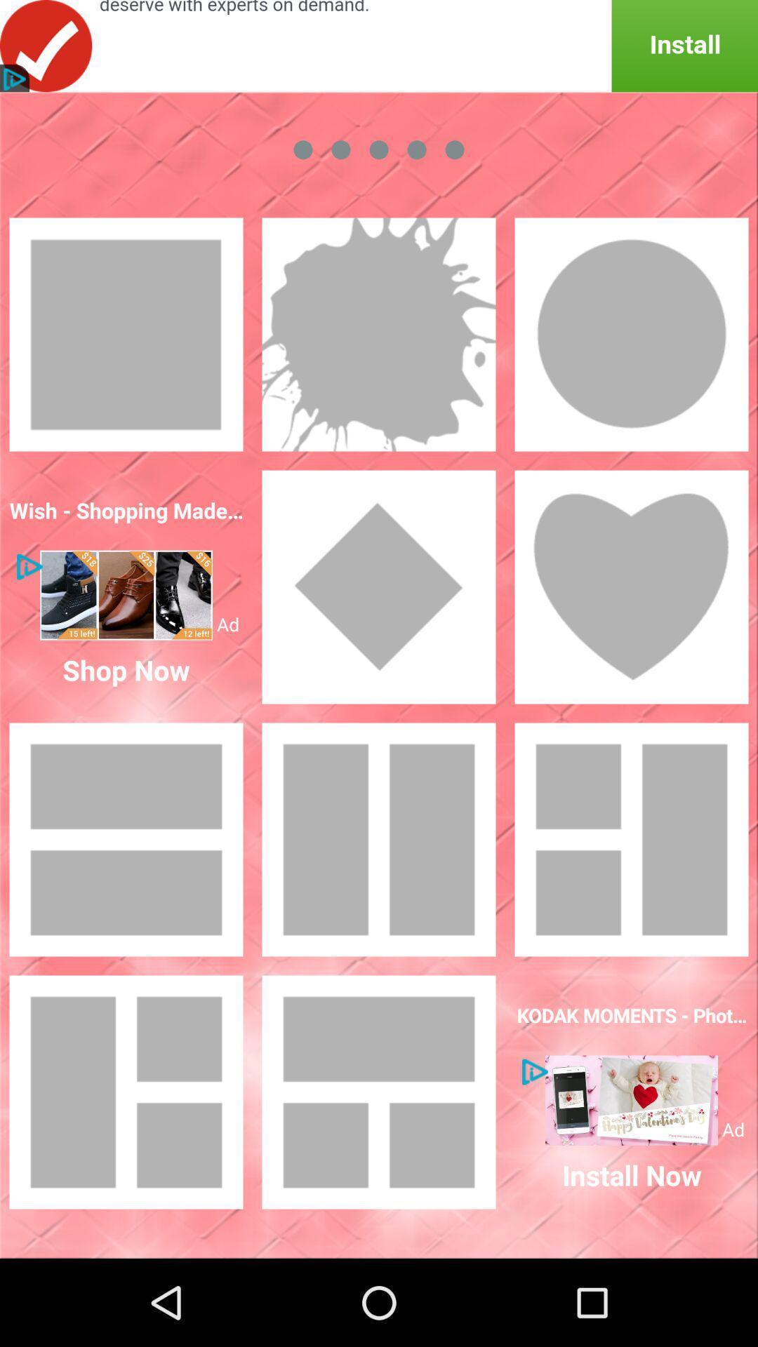  I want to click on click box bottom left, so click(126, 1091).